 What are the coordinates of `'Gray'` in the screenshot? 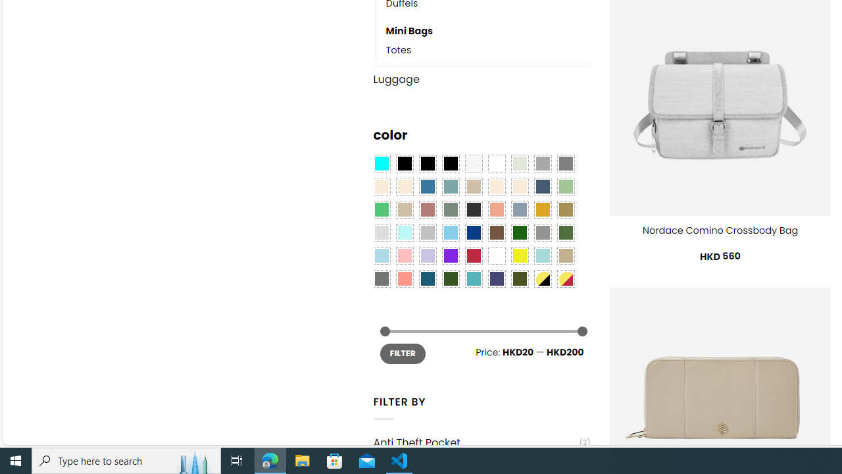 It's located at (542, 232).